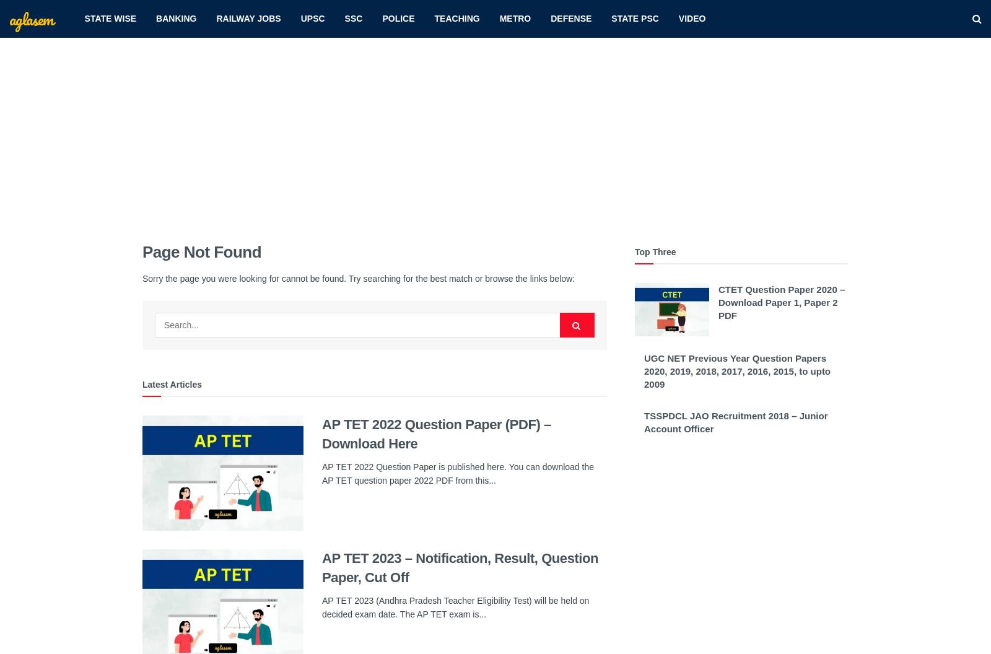 The image size is (991, 654). What do you see at coordinates (30, 18) in the screenshot?
I see `'aglasem'` at bounding box center [30, 18].